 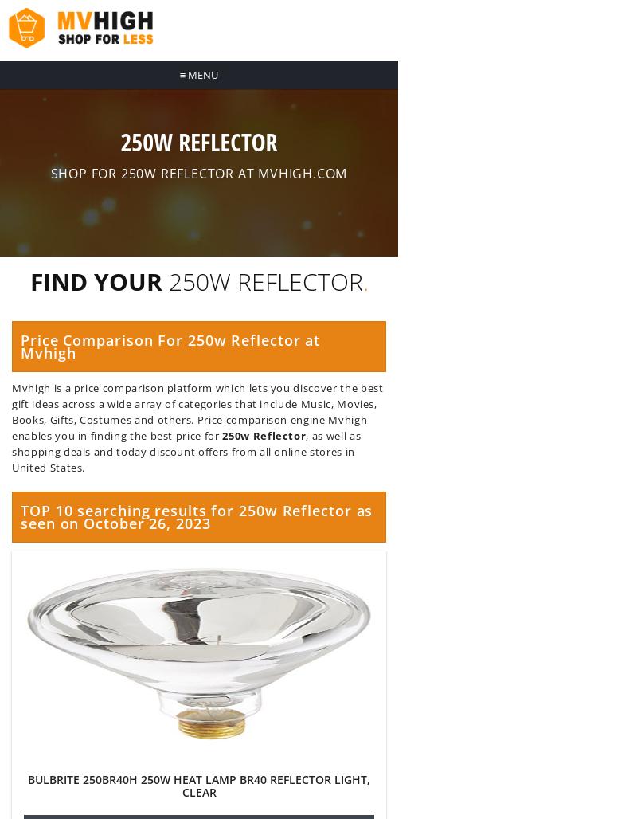 I want to click on ', as well as shopping deals and today discount offers from all online stores in United States.', so click(x=186, y=452).